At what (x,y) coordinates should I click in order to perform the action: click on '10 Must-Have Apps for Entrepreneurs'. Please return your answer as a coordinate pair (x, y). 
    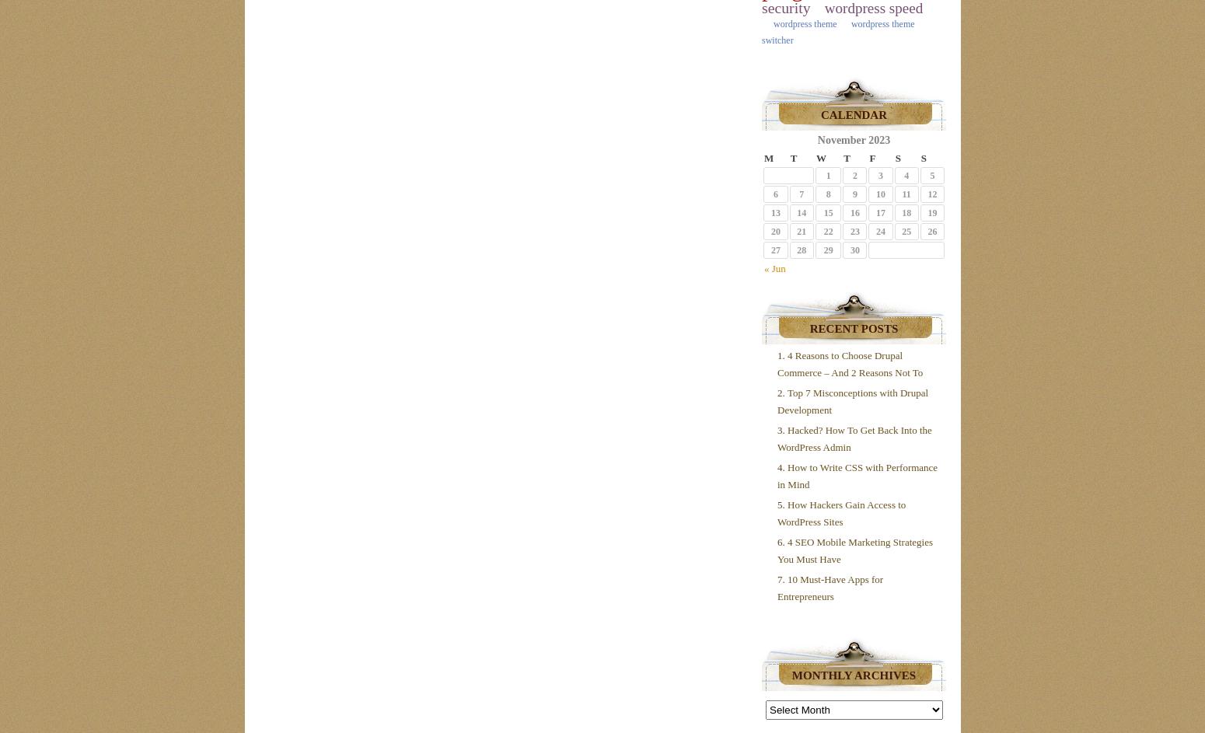
    Looking at the image, I should click on (830, 588).